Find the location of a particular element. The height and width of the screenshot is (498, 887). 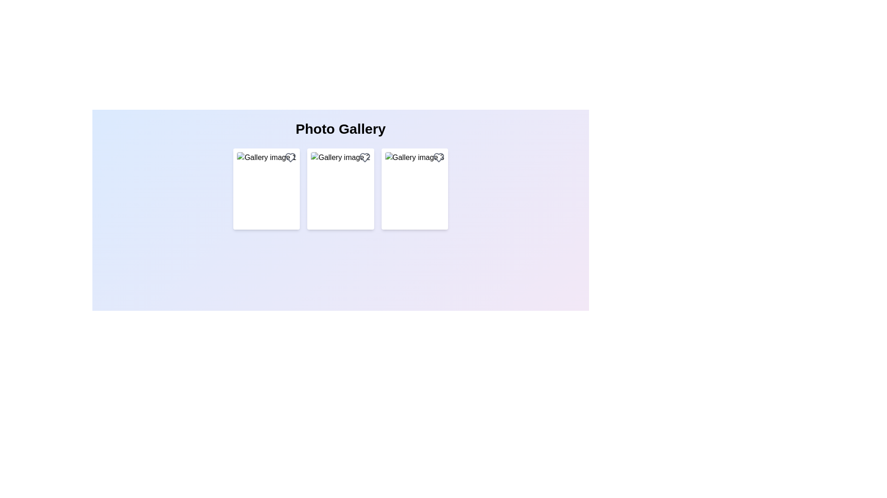

the heart-shaped icon in the top-right corner of the first card under 'Photo Gallery' to change its color from gray to red is located at coordinates (290, 157).